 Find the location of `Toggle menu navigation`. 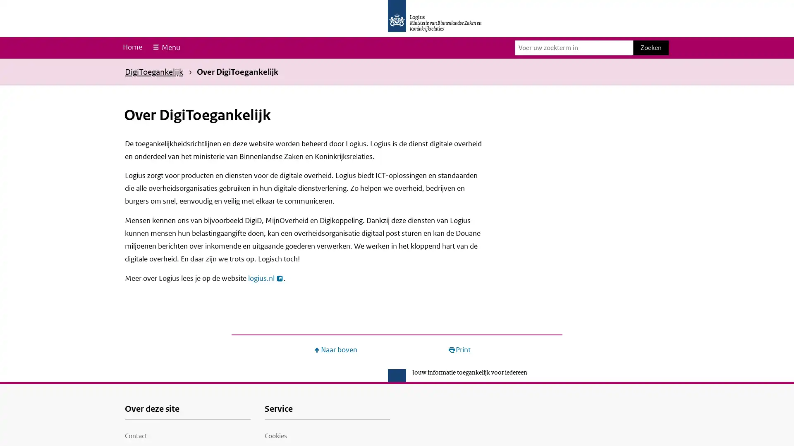

Toggle menu navigation is located at coordinates (165, 47).